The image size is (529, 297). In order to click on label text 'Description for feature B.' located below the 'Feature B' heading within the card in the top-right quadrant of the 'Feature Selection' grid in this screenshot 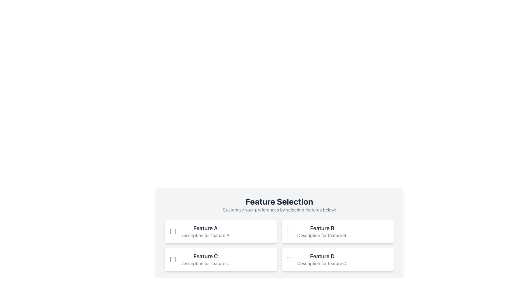, I will do `click(322, 235)`.